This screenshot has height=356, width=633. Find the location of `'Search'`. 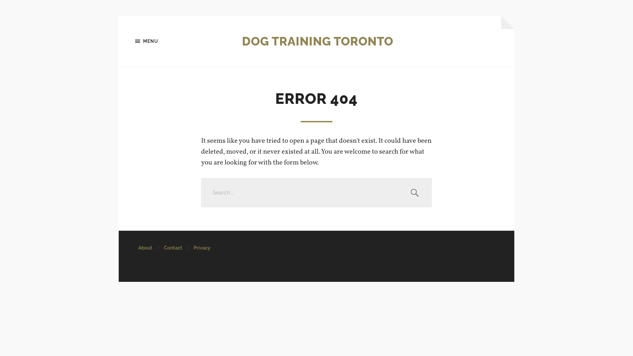

'Search' is located at coordinates (414, 193).